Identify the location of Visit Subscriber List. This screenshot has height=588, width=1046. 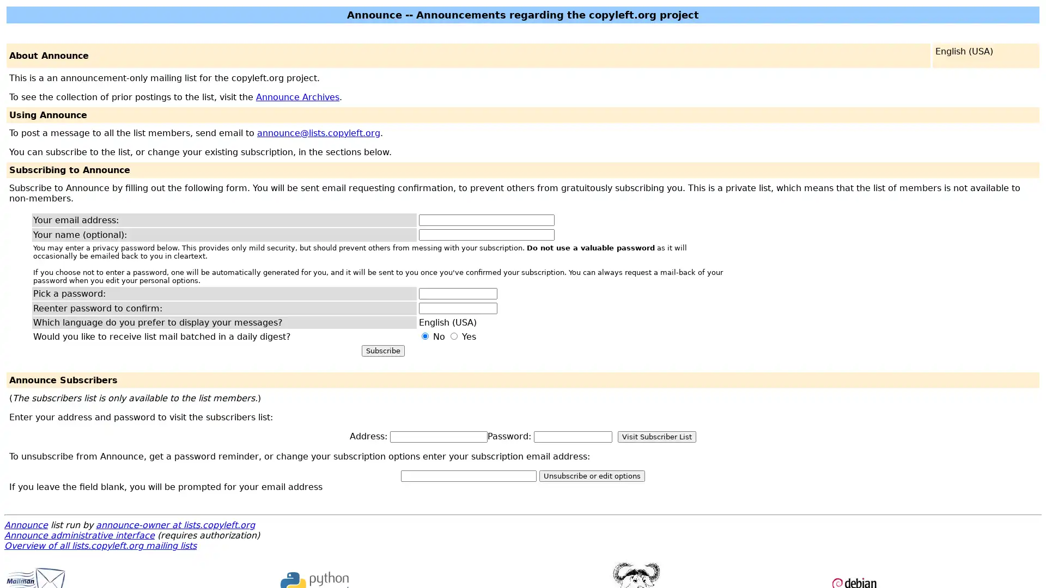
(656, 436).